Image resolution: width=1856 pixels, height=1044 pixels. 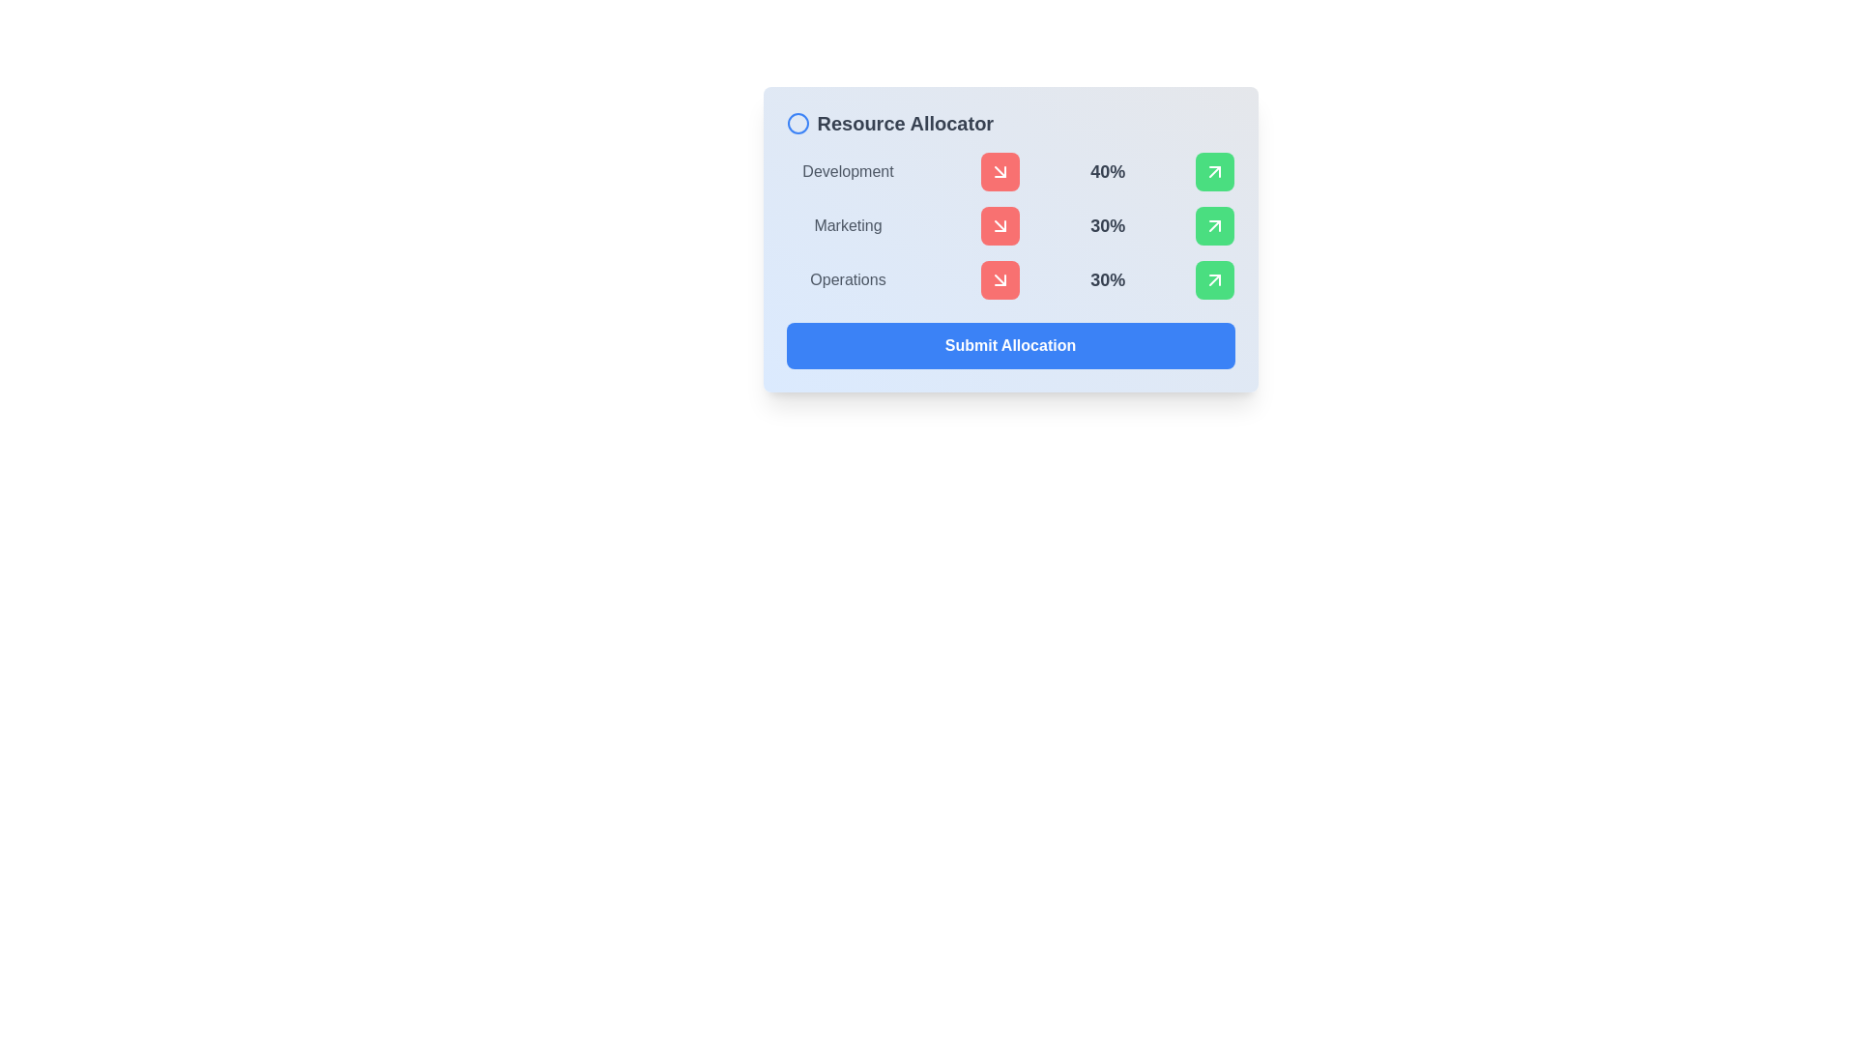 What do you see at coordinates (1000, 170) in the screenshot?
I see `the small square button with a red background and a white downward-rightward arrow icon located in the 'Development' row for accessibility navigation` at bounding box center [1000, 170].